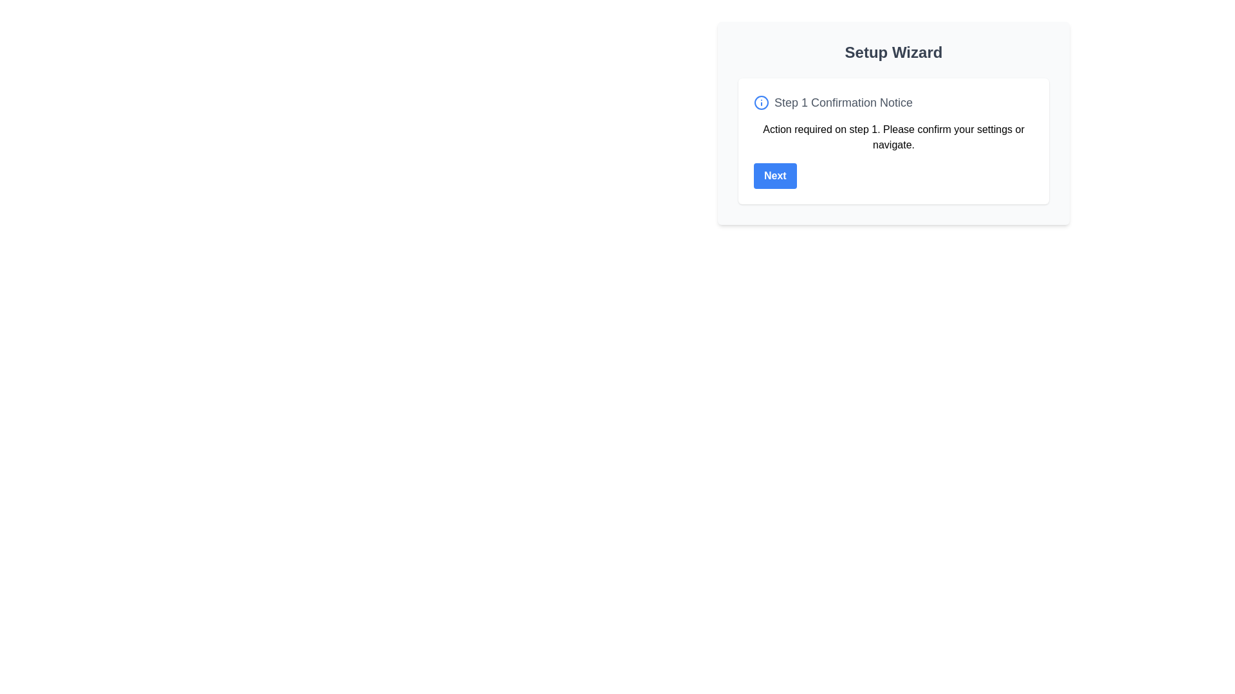  I want to click on the navigation button located in the lower-left corner of the 'Setup Wizard' dialog box, so click(774, 175).